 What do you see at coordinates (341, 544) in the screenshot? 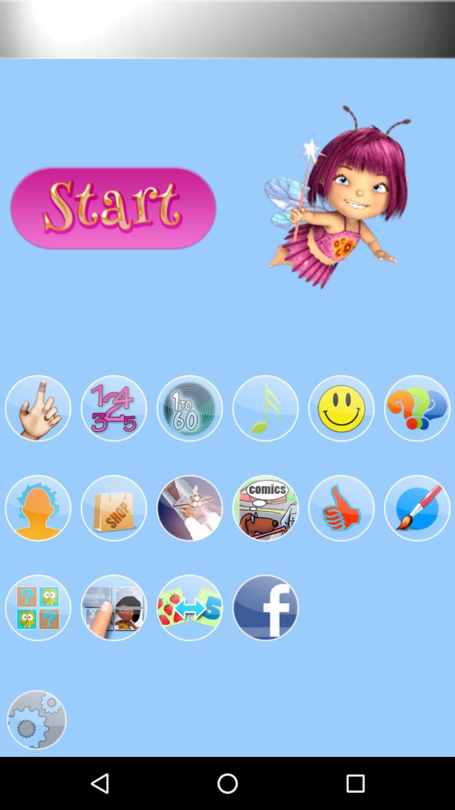
I see `the thumbs_up icon` at bounding box center [341, 544].